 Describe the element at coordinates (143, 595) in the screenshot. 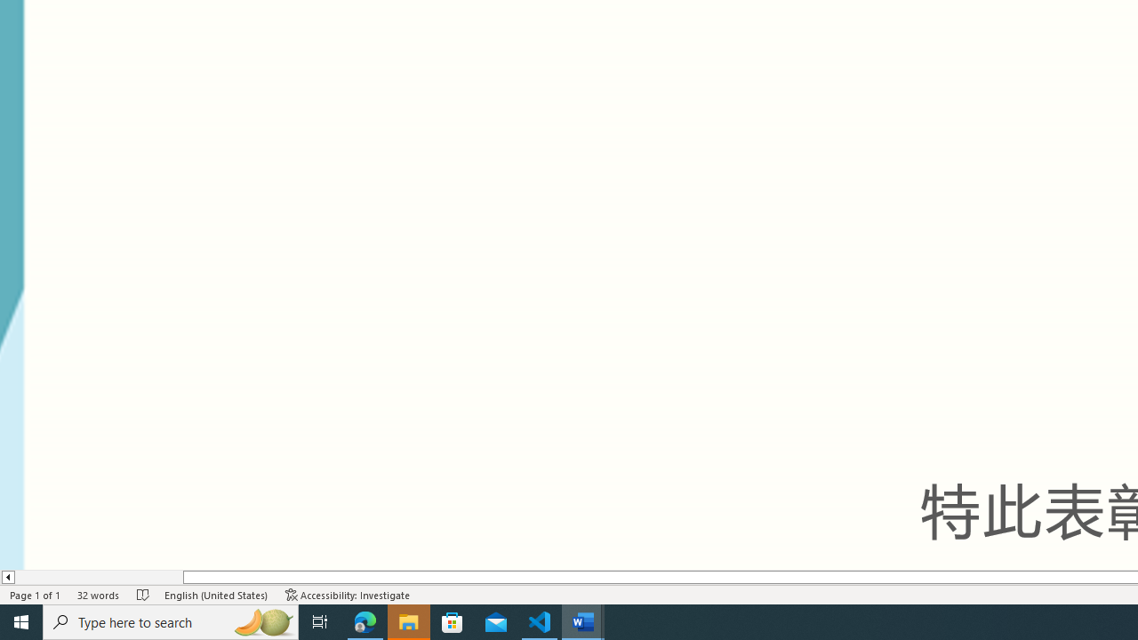

I see `'Spelling and Grammar Check No Errors'` at that location.